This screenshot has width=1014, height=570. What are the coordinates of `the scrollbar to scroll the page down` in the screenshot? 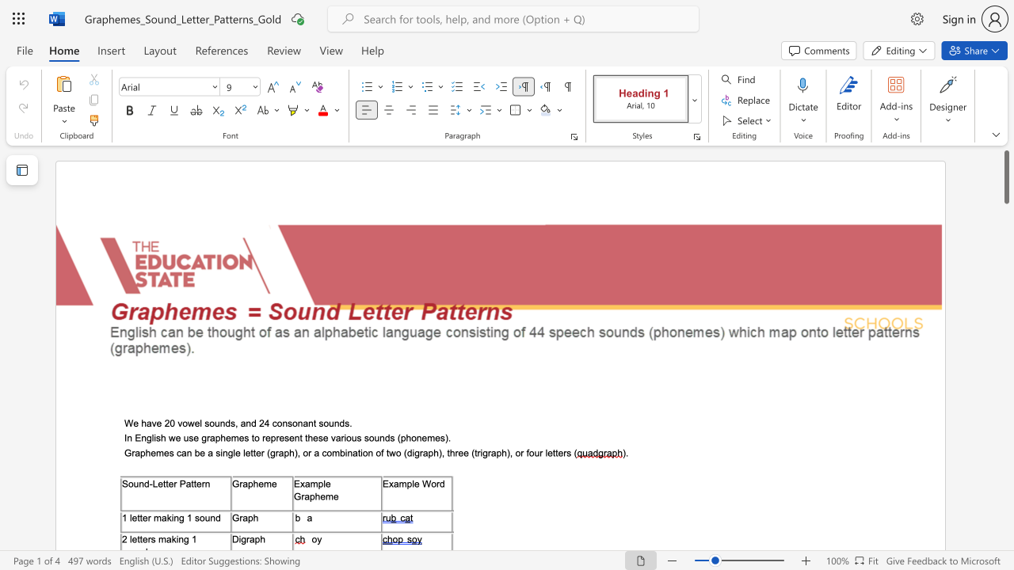 It's located at (1005, 451).